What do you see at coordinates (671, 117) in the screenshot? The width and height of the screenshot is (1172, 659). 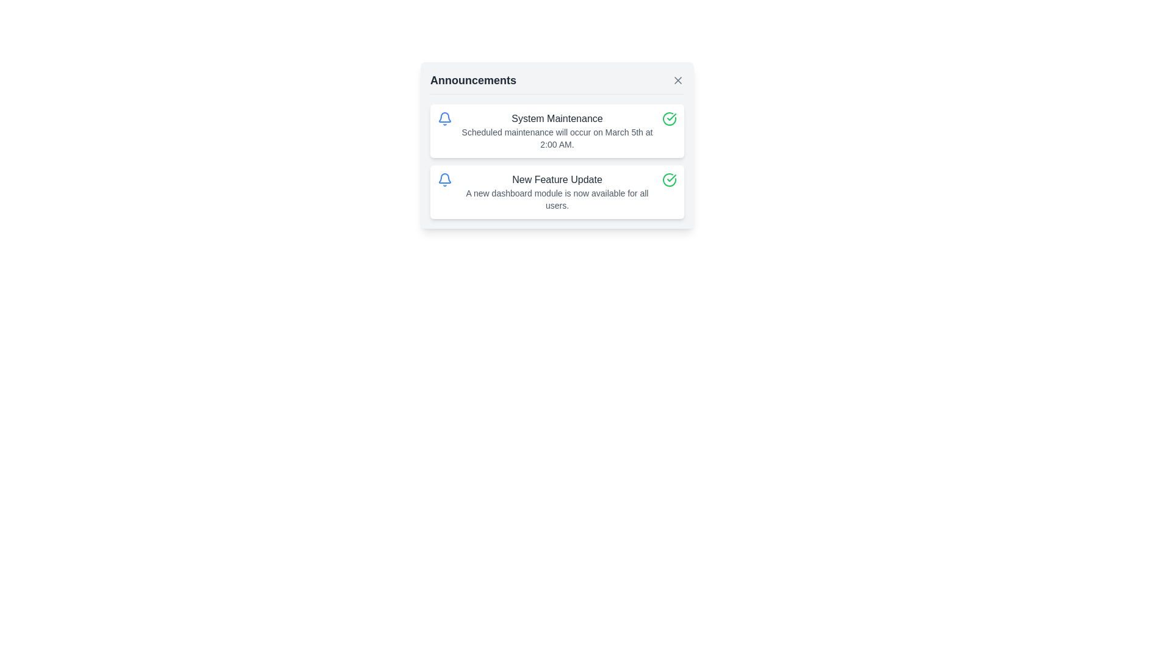 I see `the green check mark icon that indicates approval, located beside the 'New Feature Update' message in the Announcements panel` at bounding box center [671, 117].